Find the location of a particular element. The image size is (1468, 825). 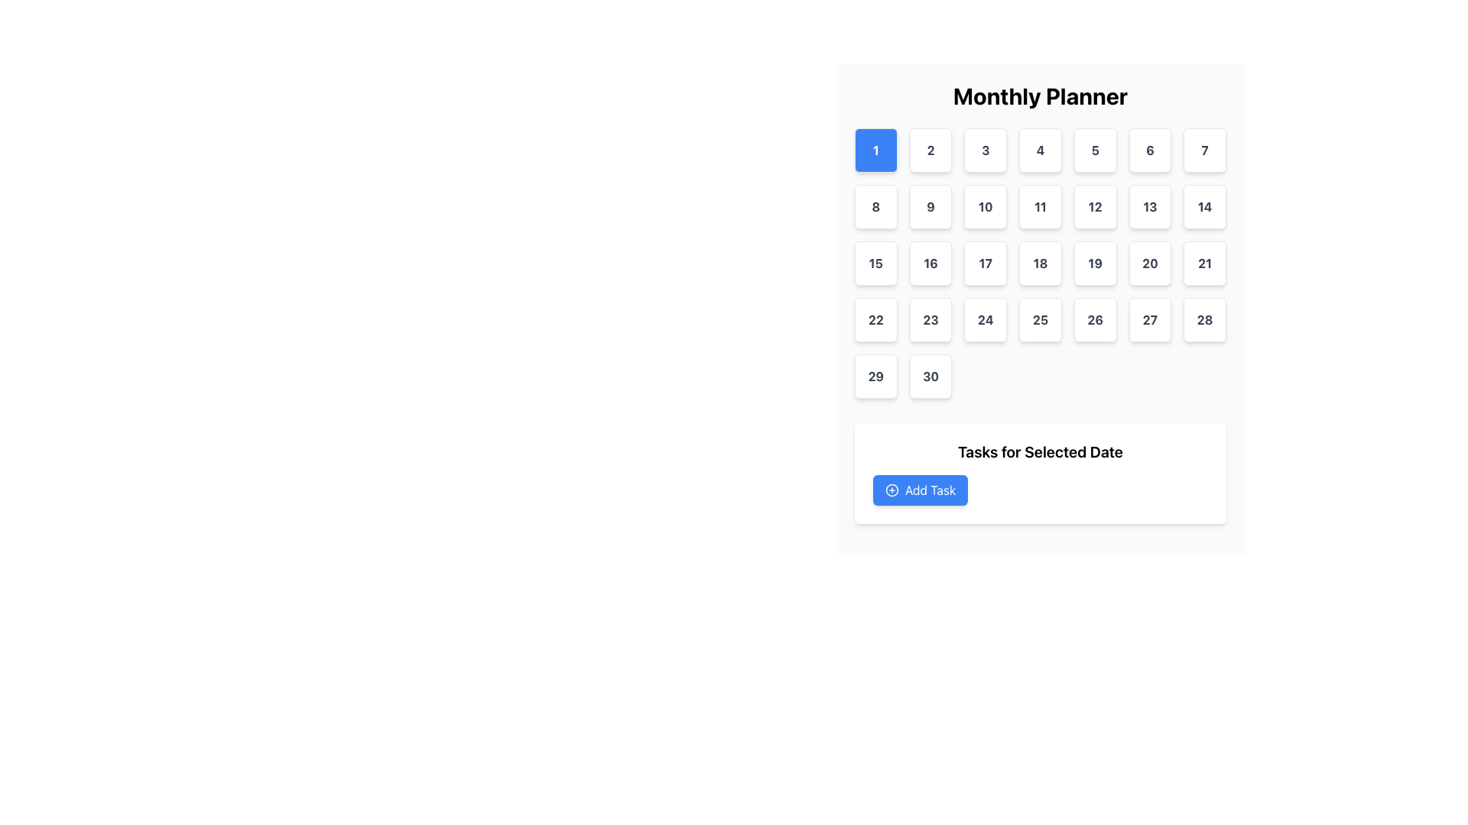

the rectangular button with rounded corners labeled '6' in the 'Monthly Planner' grid to trigger a visual effect is located at coordinates (1150, 150).